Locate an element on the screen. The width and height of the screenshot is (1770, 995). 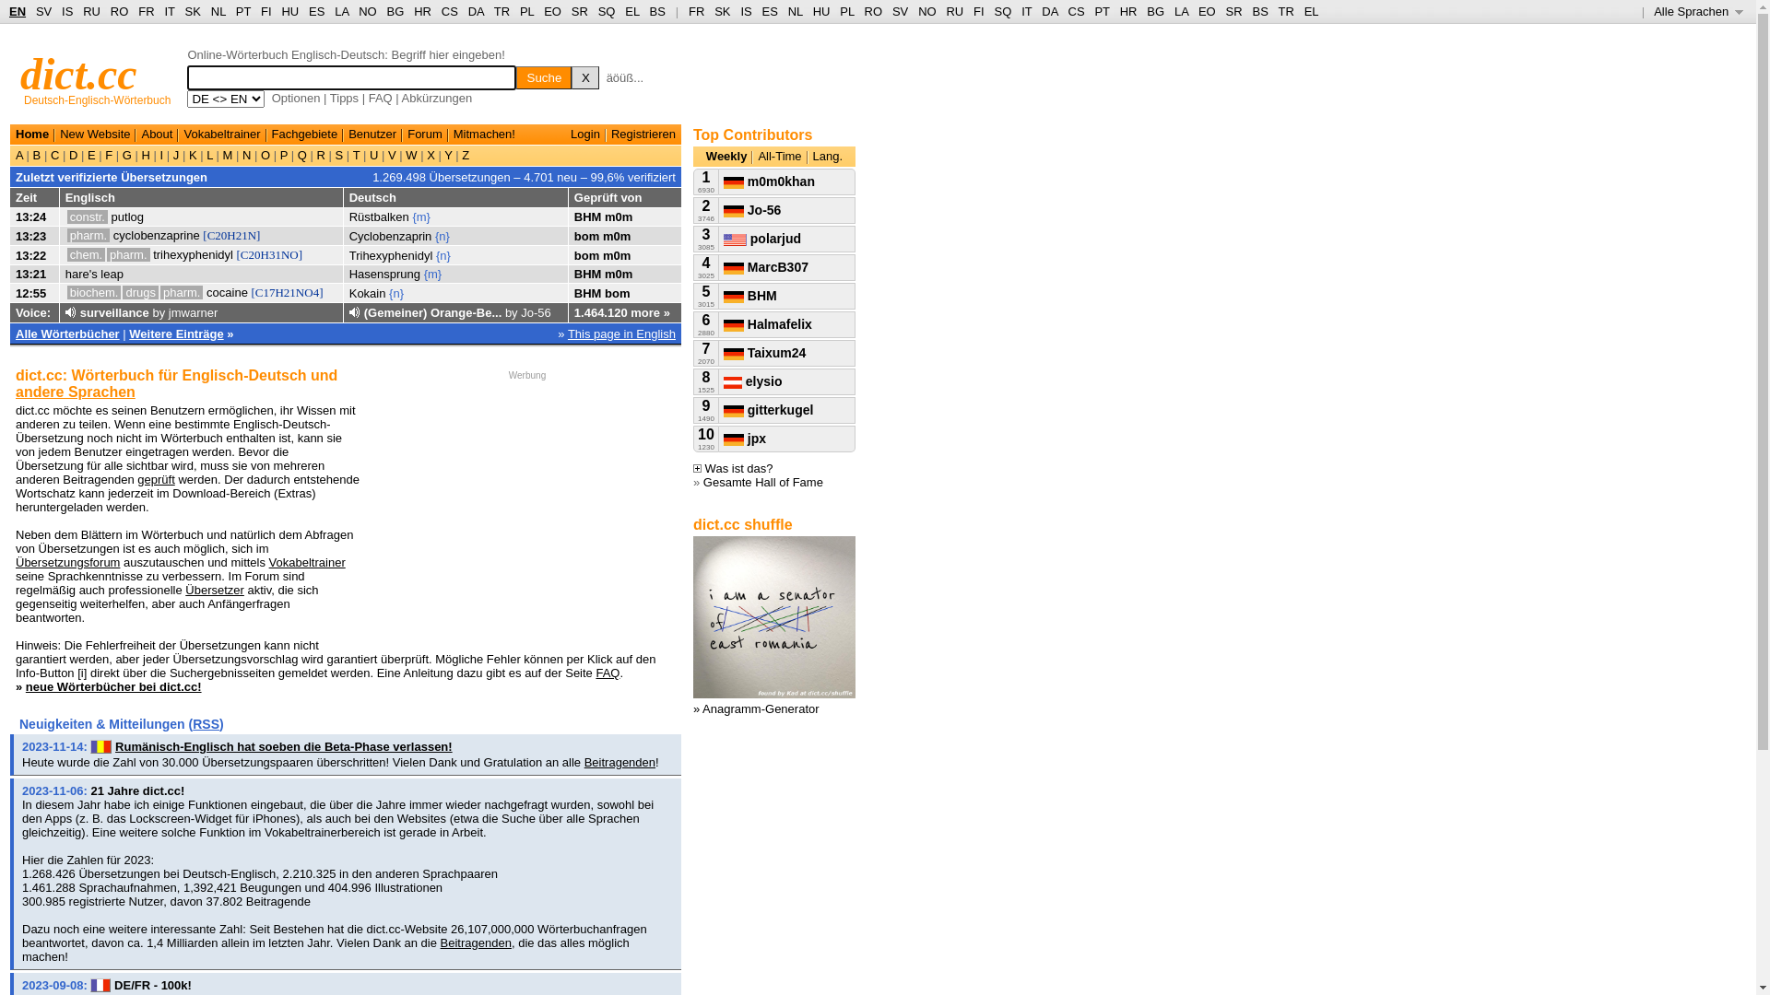
'(Gemeiner) Orange-Be...' is located at coordinates (432, 311).